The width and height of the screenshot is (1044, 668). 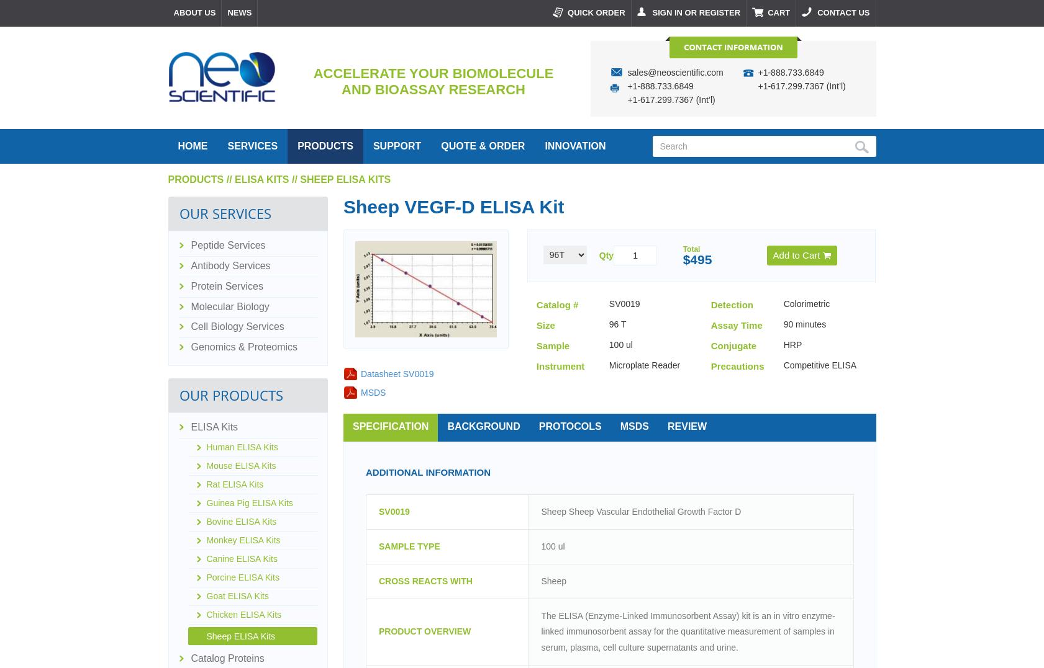 I want to click on 'Molecular Biology', so click(x=229, y=306).